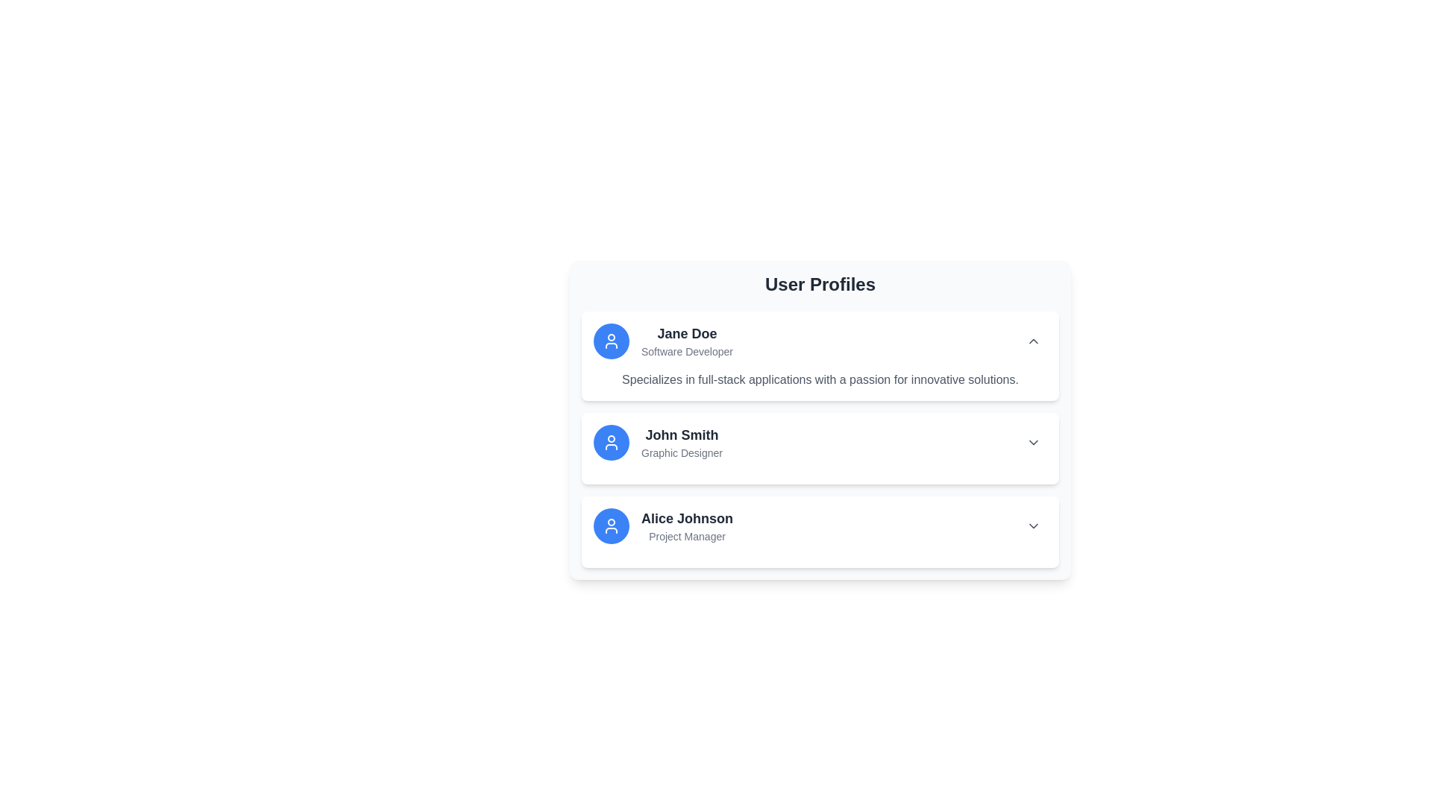 The height and width of the screenshot is (805, 1432). Describe the element at coordinates (1033, 341) in the screenshot. I see `the icon-based button that allows users to toggle detailed information for 'Jane Doe - Software Developer'` at that location.